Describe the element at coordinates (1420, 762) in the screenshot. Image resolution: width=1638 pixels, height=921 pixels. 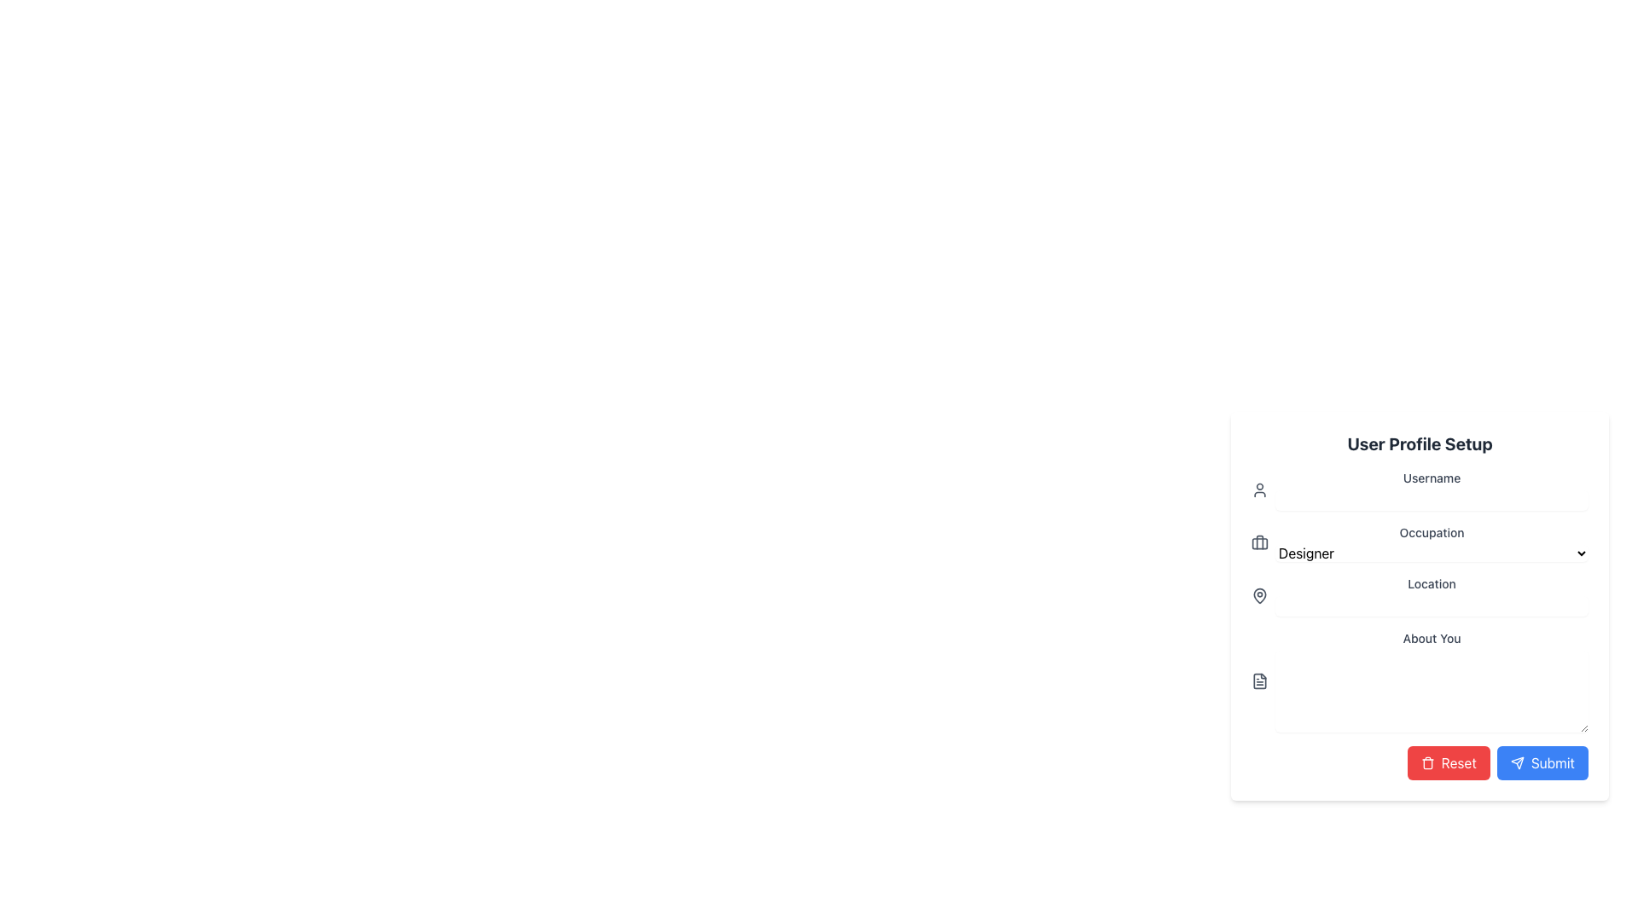
I see `the reset button located to the left of the blue 'Submit' button in the footer section of the form, which resets all form inputs to their defaults` at that location.